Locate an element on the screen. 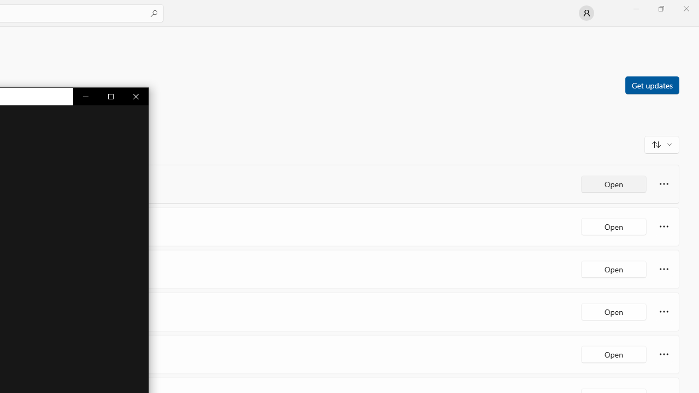 This screenshot has width=699, height=393. 'Get updates' is located at coordinates (651, 84).